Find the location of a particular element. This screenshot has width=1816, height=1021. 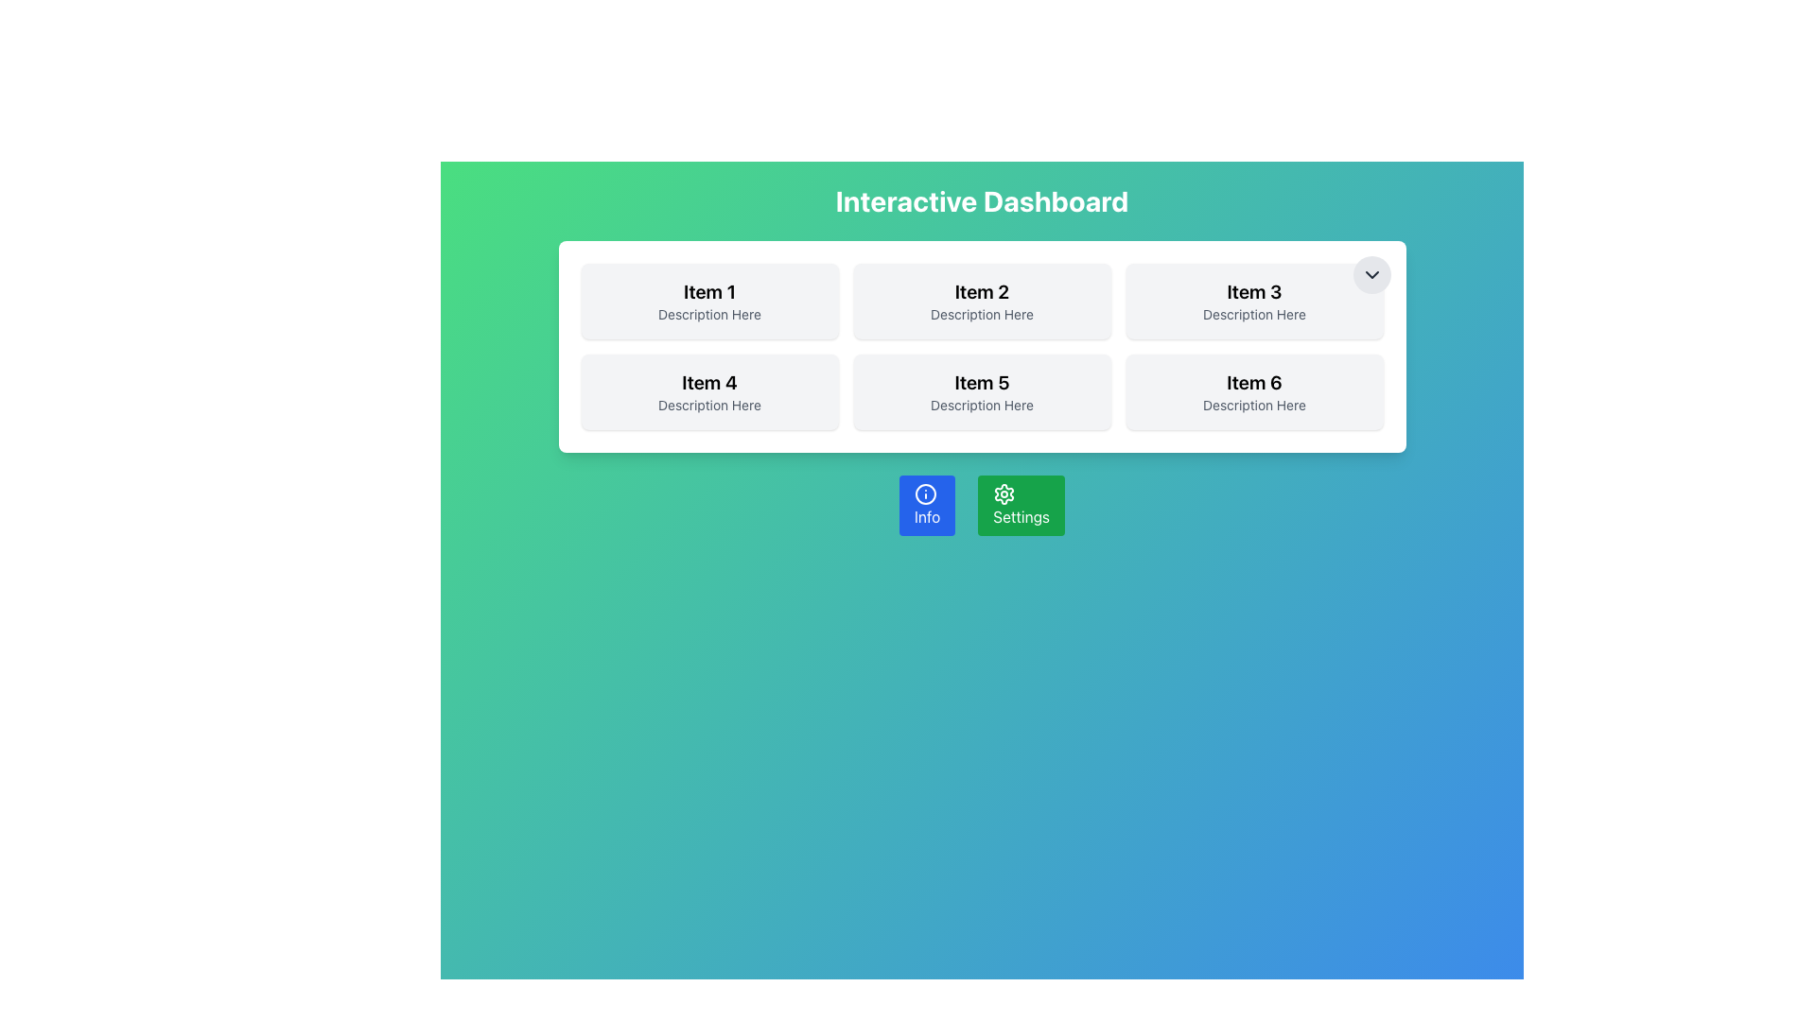

the settings button located immediately to the right of the 'Info' button with a blue background, positioned at the bottom center of the interface is located at coordinates (1021, 505).